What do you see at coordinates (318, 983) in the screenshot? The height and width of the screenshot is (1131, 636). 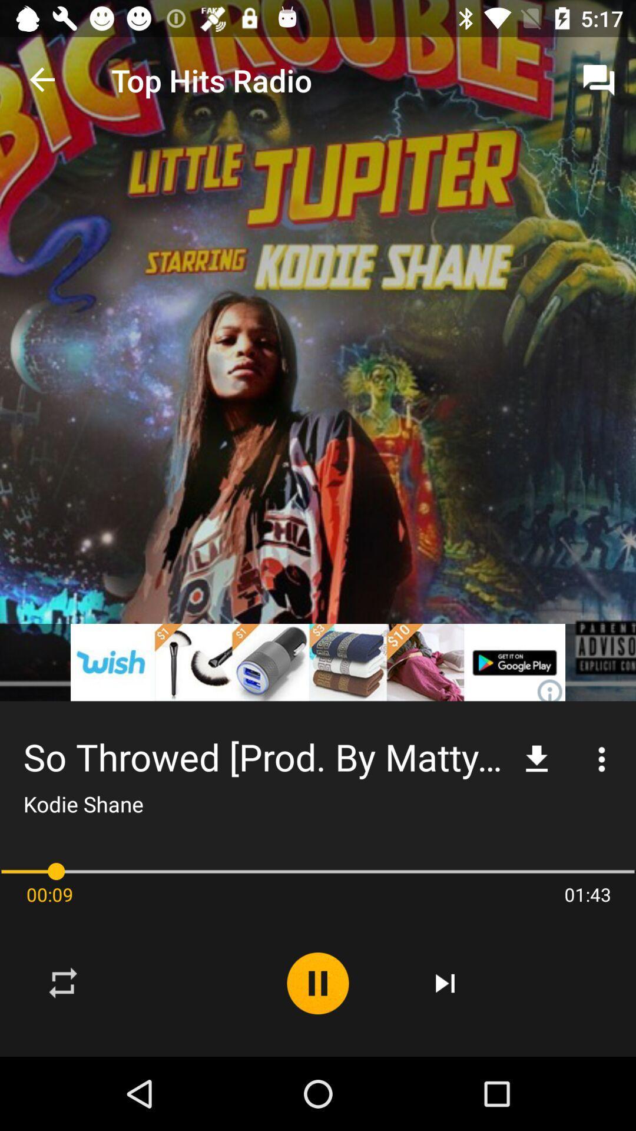 I see `the pause icon` at bounding box center [318, 983].